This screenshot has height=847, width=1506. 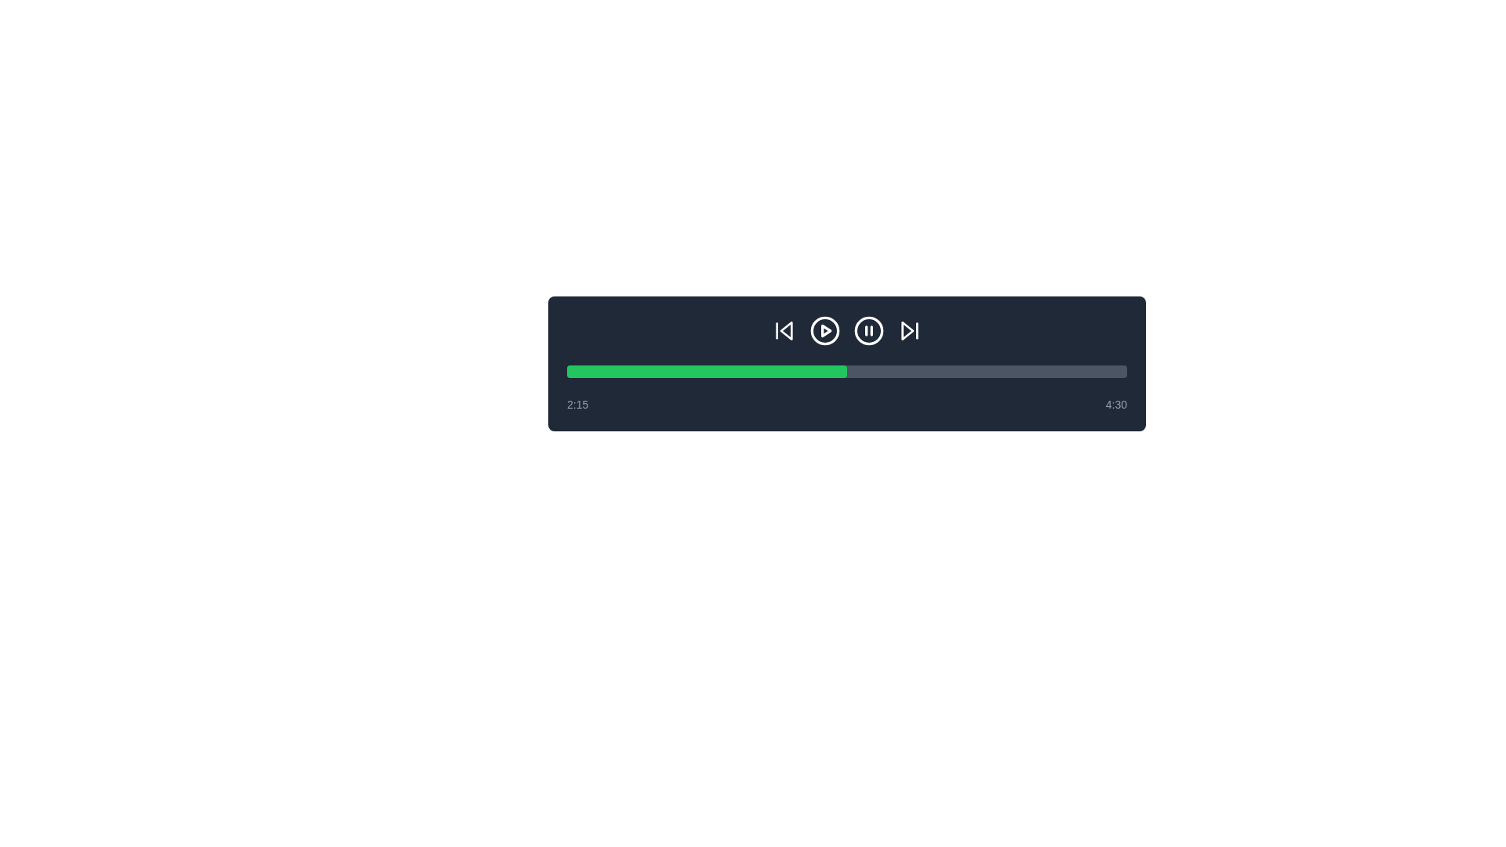 What do you see at coordinates (910, 329) in the screenshot?
I see `the rightmost button/icon in the media control sequence to change its visual state` at bounding box center [910, 329].